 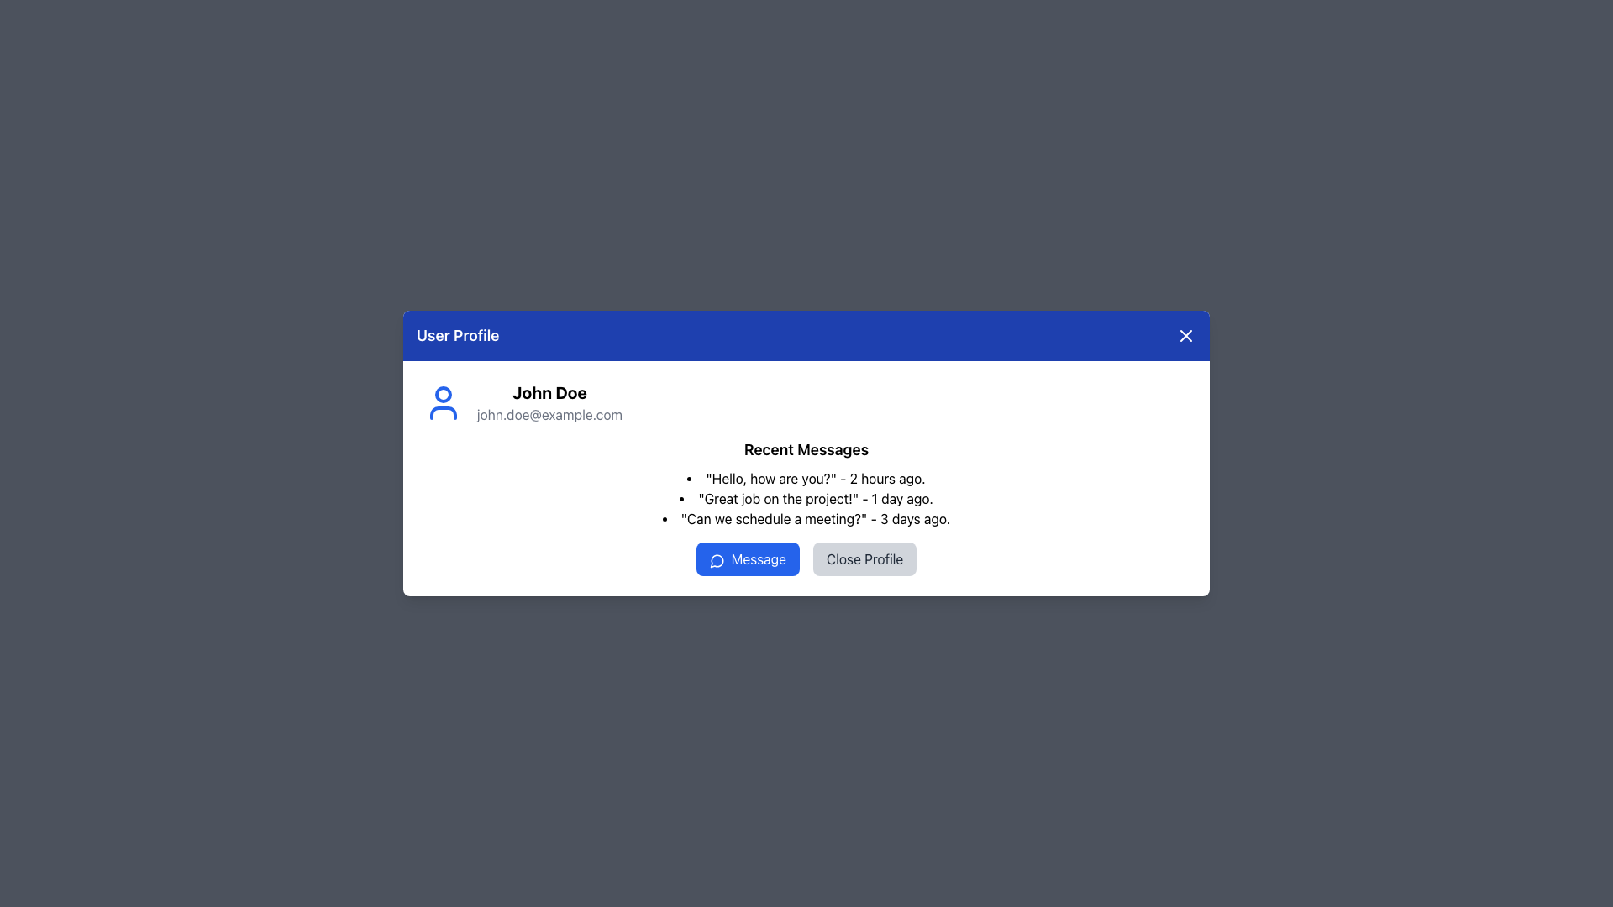 What do you see at coordinates (444, 395) in the screenshot?
I see `SVG circle element that represents the user profile icon, located in the top-left section of the profile modal under the User Profile header` at bounding box center [444, 395].